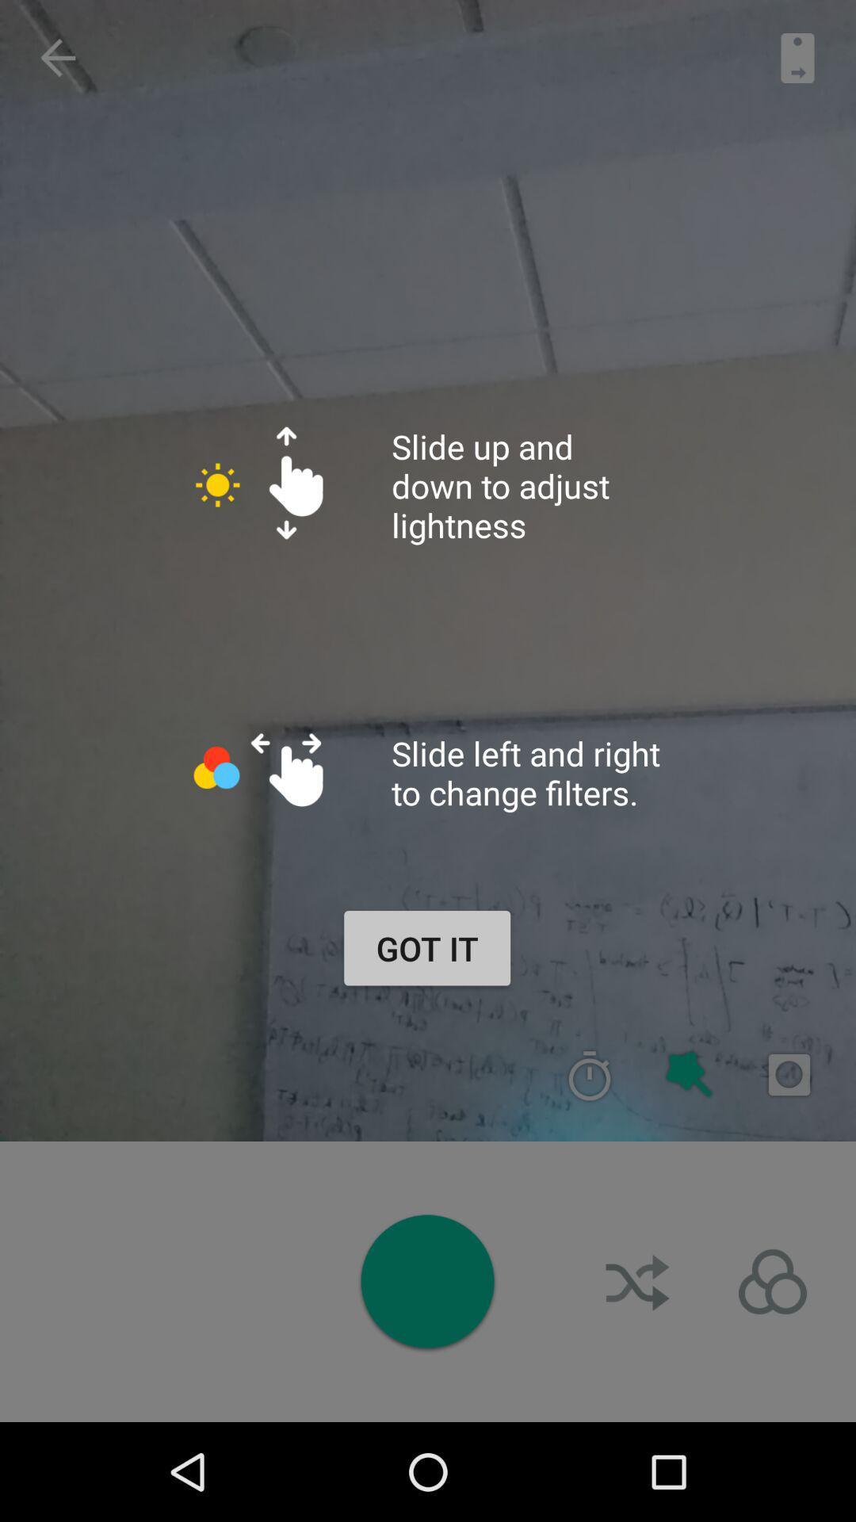  Describe the element at coordinates (426, 1281) in the screenshot. I see `button` at that location.